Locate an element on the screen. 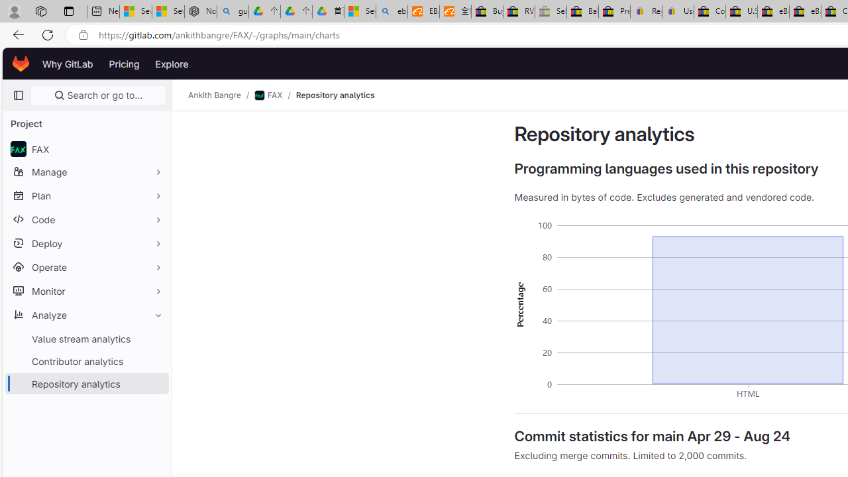 The width and height of the screenshot is (848, 477). 'Primary navigation sidebar' is located at coordinates (18, 95).